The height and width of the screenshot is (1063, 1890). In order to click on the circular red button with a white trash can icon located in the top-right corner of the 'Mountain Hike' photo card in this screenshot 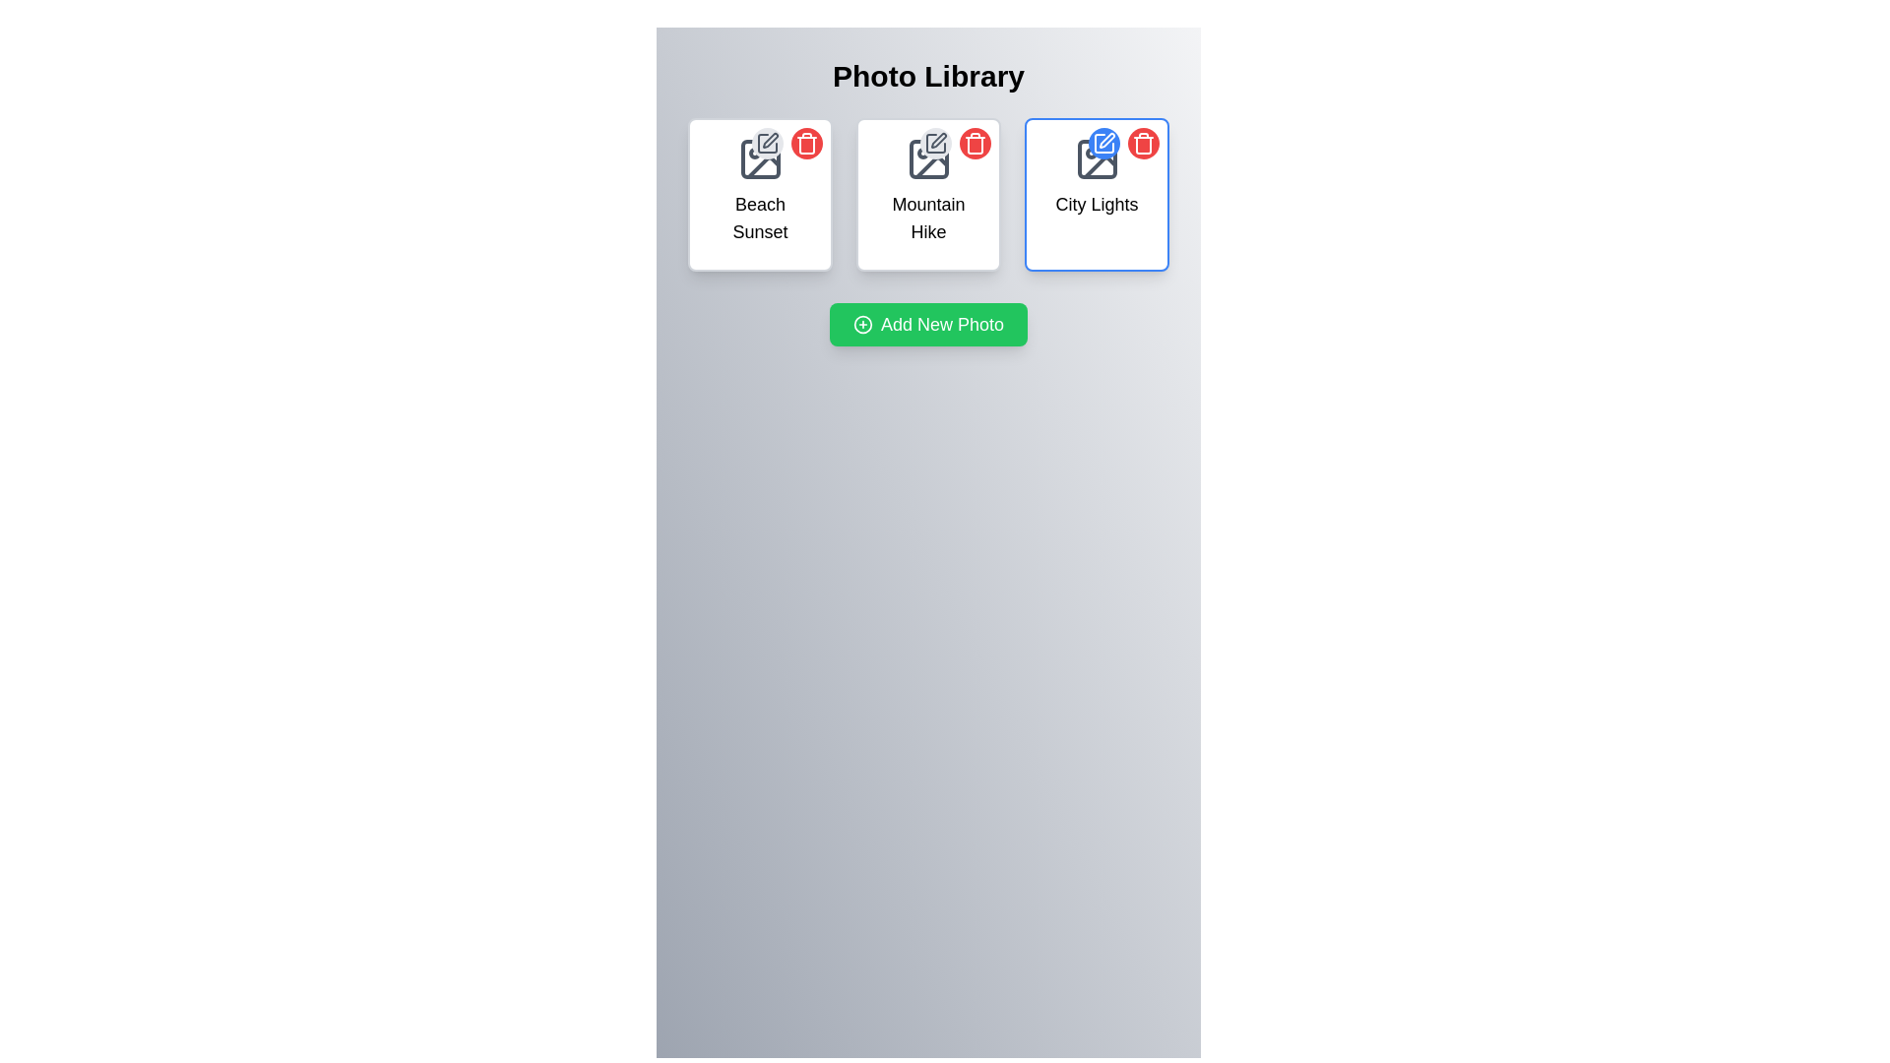, I will do `click(975, 143)`.